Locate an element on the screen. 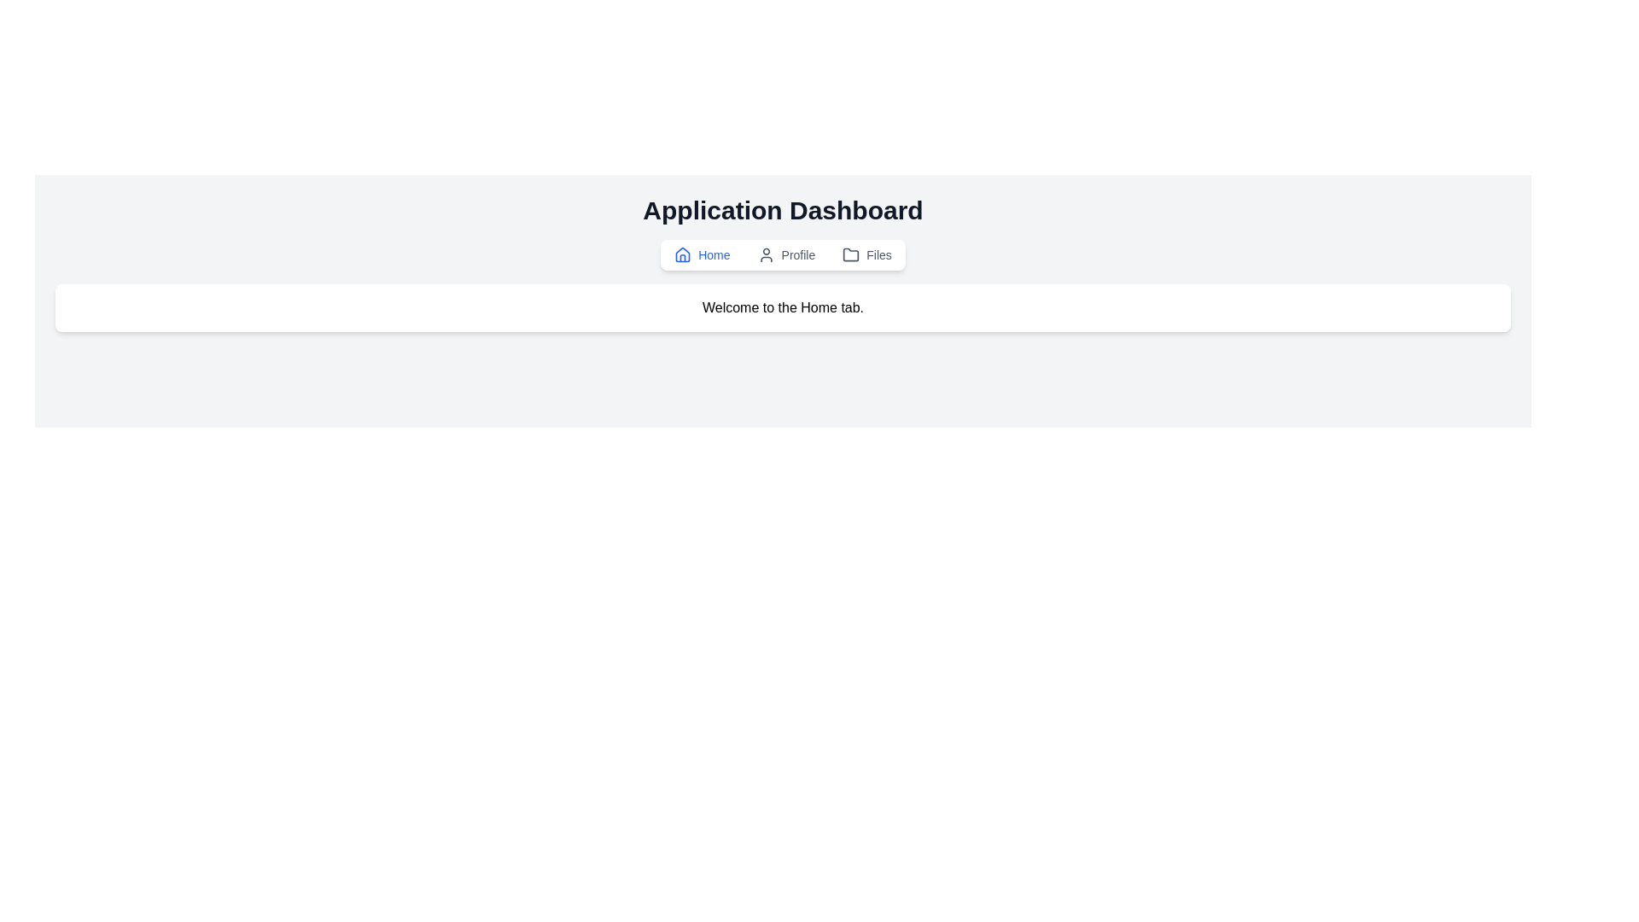 The width and height of the screenshot is (1639, 922). the 'Home' button in the navigation bar, which features a house icon and the text 'Home' is located at coordinates (702, 255).